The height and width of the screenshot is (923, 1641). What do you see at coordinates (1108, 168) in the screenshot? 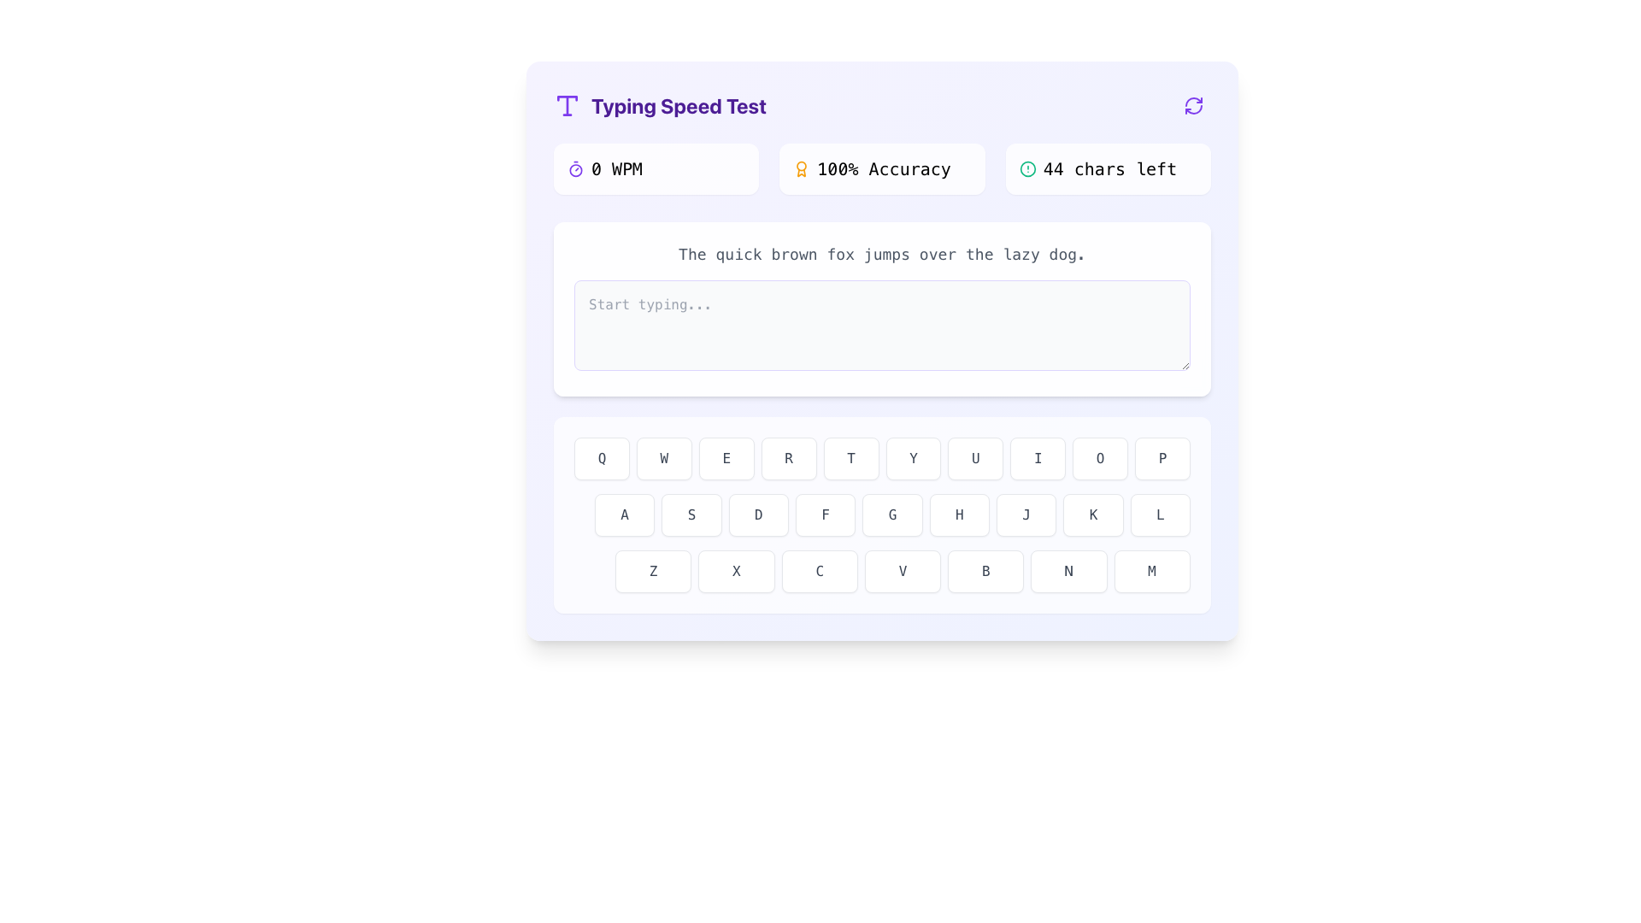
I see `the text-based informational display with the text '44 chars left' and a green circular alert icon, located in the third column of the grid layout above the typing box` at bounding box center [1108, 168].